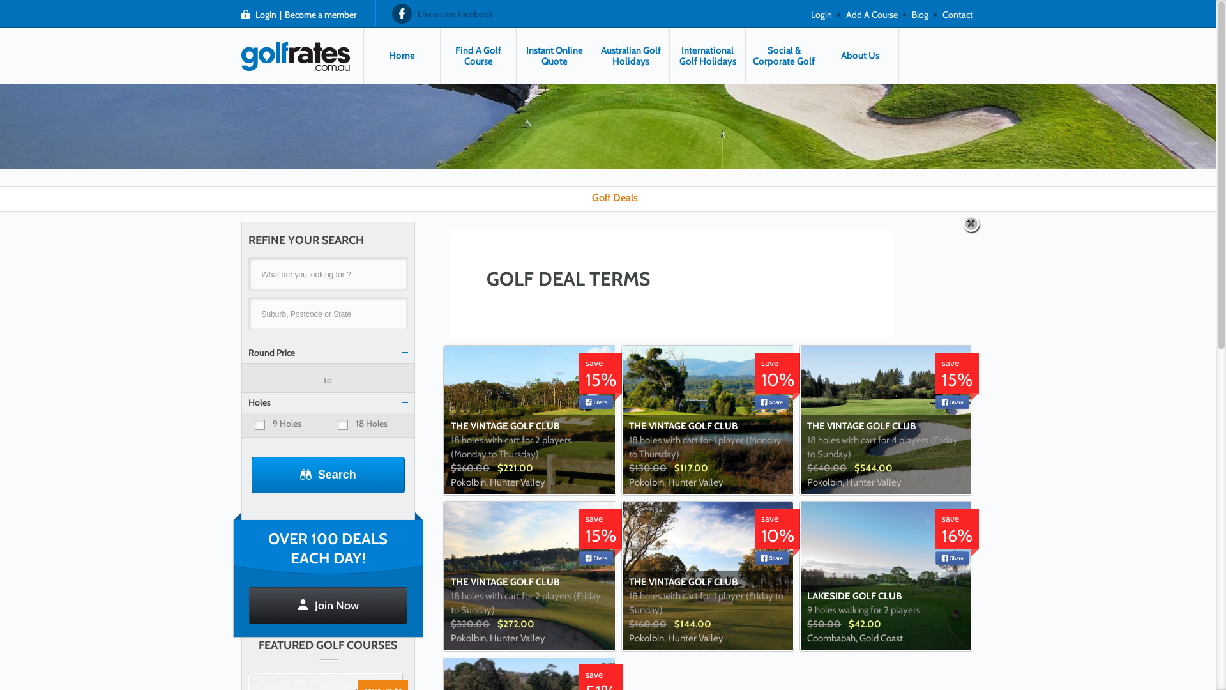  I want to click on 'save, so click(600, 376).